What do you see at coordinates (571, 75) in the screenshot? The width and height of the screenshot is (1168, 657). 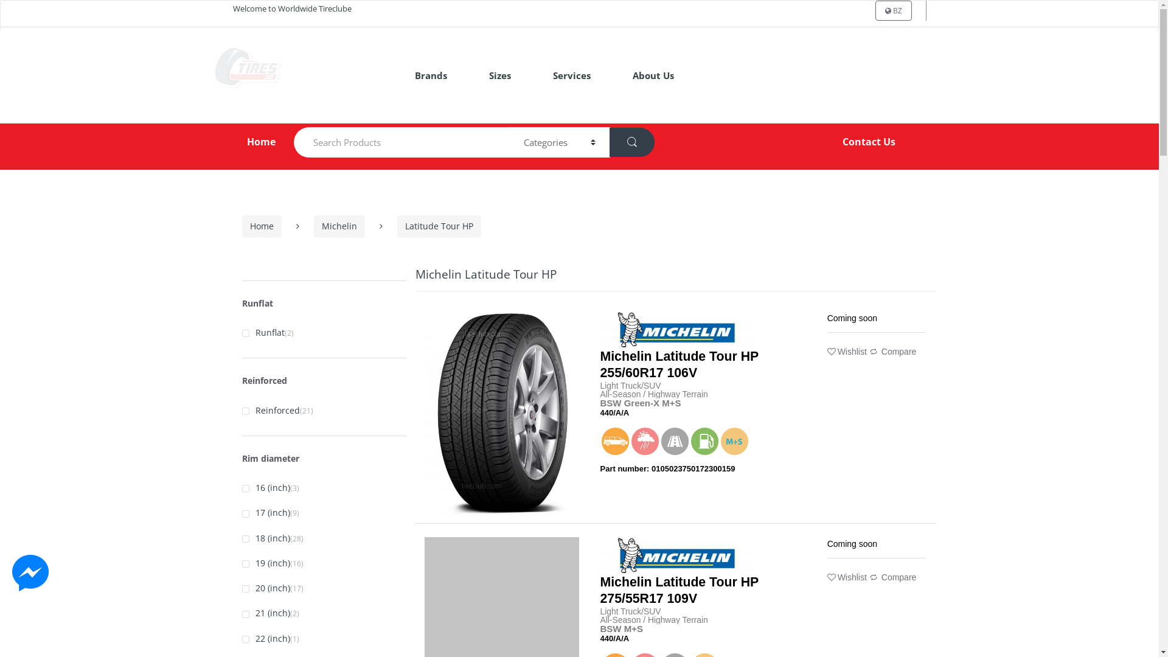 I see `'Services'` at bounding box center [571, 75].